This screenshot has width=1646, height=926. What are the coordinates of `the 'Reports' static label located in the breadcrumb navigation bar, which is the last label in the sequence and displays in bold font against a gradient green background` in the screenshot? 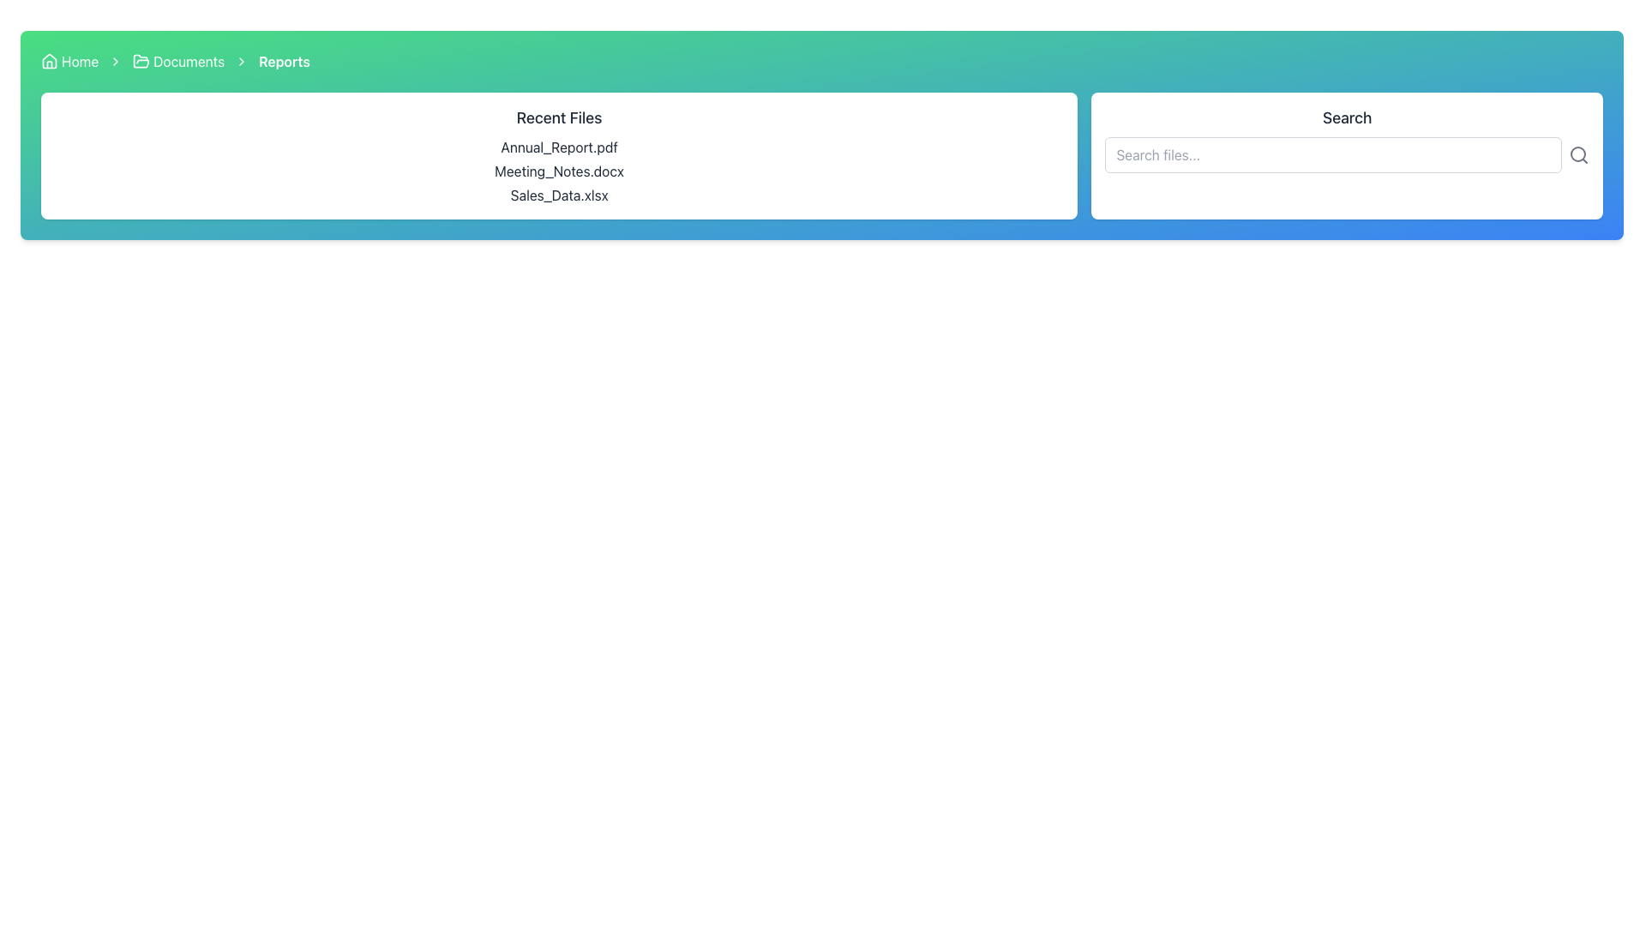 It's located at (284, 61).